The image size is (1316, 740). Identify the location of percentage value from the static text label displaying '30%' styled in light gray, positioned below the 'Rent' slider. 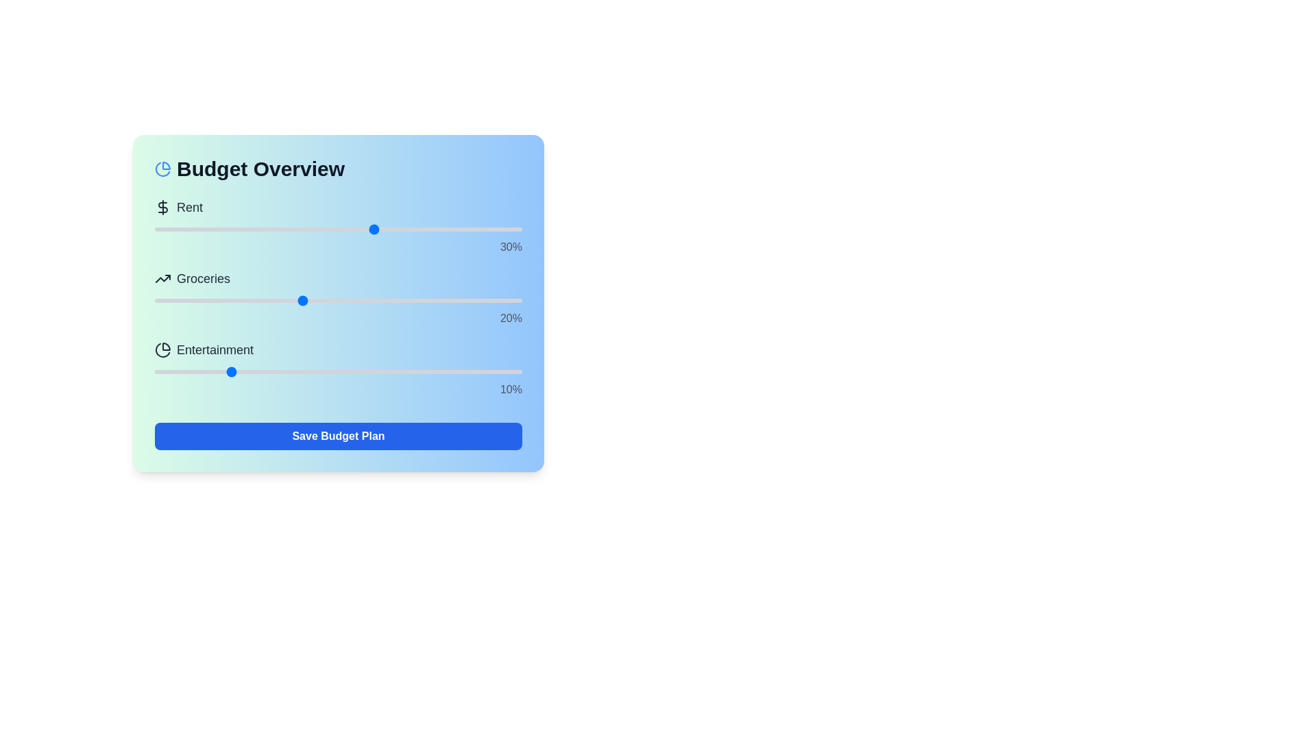
(339, 247).